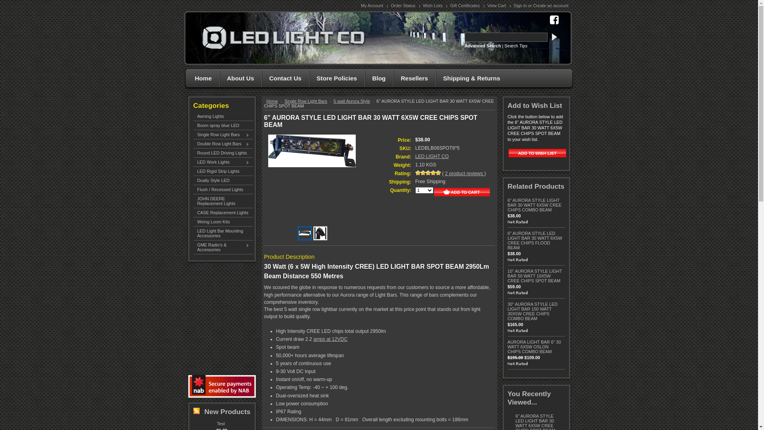 The width and height of the screenshot is (764, 430). I want to click on 'Home', so click(201, 79).